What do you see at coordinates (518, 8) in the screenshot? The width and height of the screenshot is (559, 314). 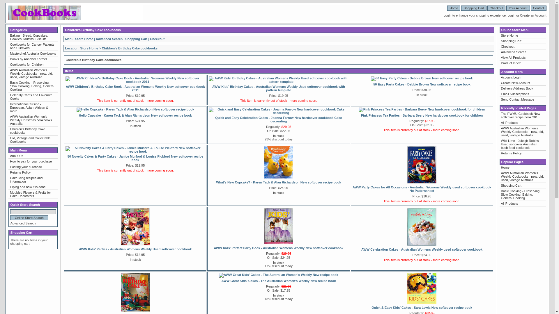 I see `'Your Account'` at bounding box center [518, 8].